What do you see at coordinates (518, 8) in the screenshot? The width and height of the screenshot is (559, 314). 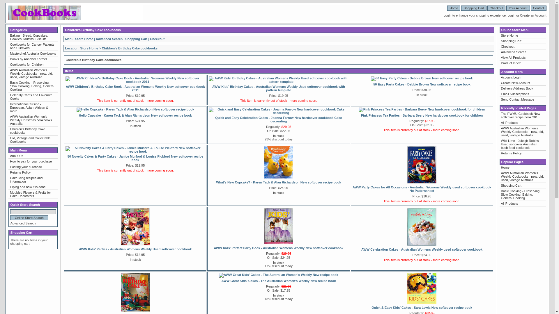 I see `'Your Account'` at bounding box center [518, 8].